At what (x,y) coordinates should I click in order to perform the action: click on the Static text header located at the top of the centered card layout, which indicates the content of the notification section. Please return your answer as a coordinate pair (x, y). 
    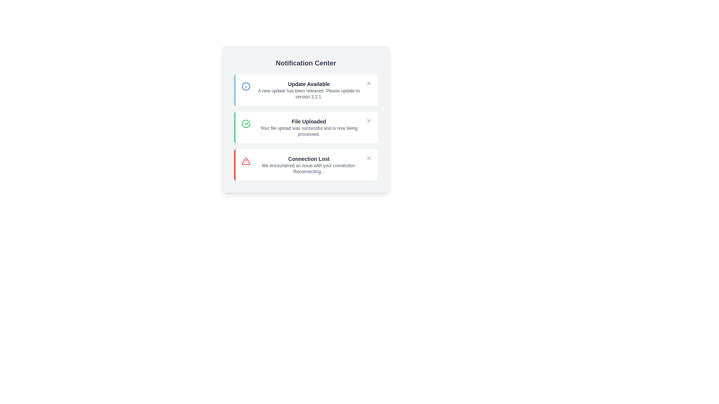
    Looking at the image, I should click on (306, 63).